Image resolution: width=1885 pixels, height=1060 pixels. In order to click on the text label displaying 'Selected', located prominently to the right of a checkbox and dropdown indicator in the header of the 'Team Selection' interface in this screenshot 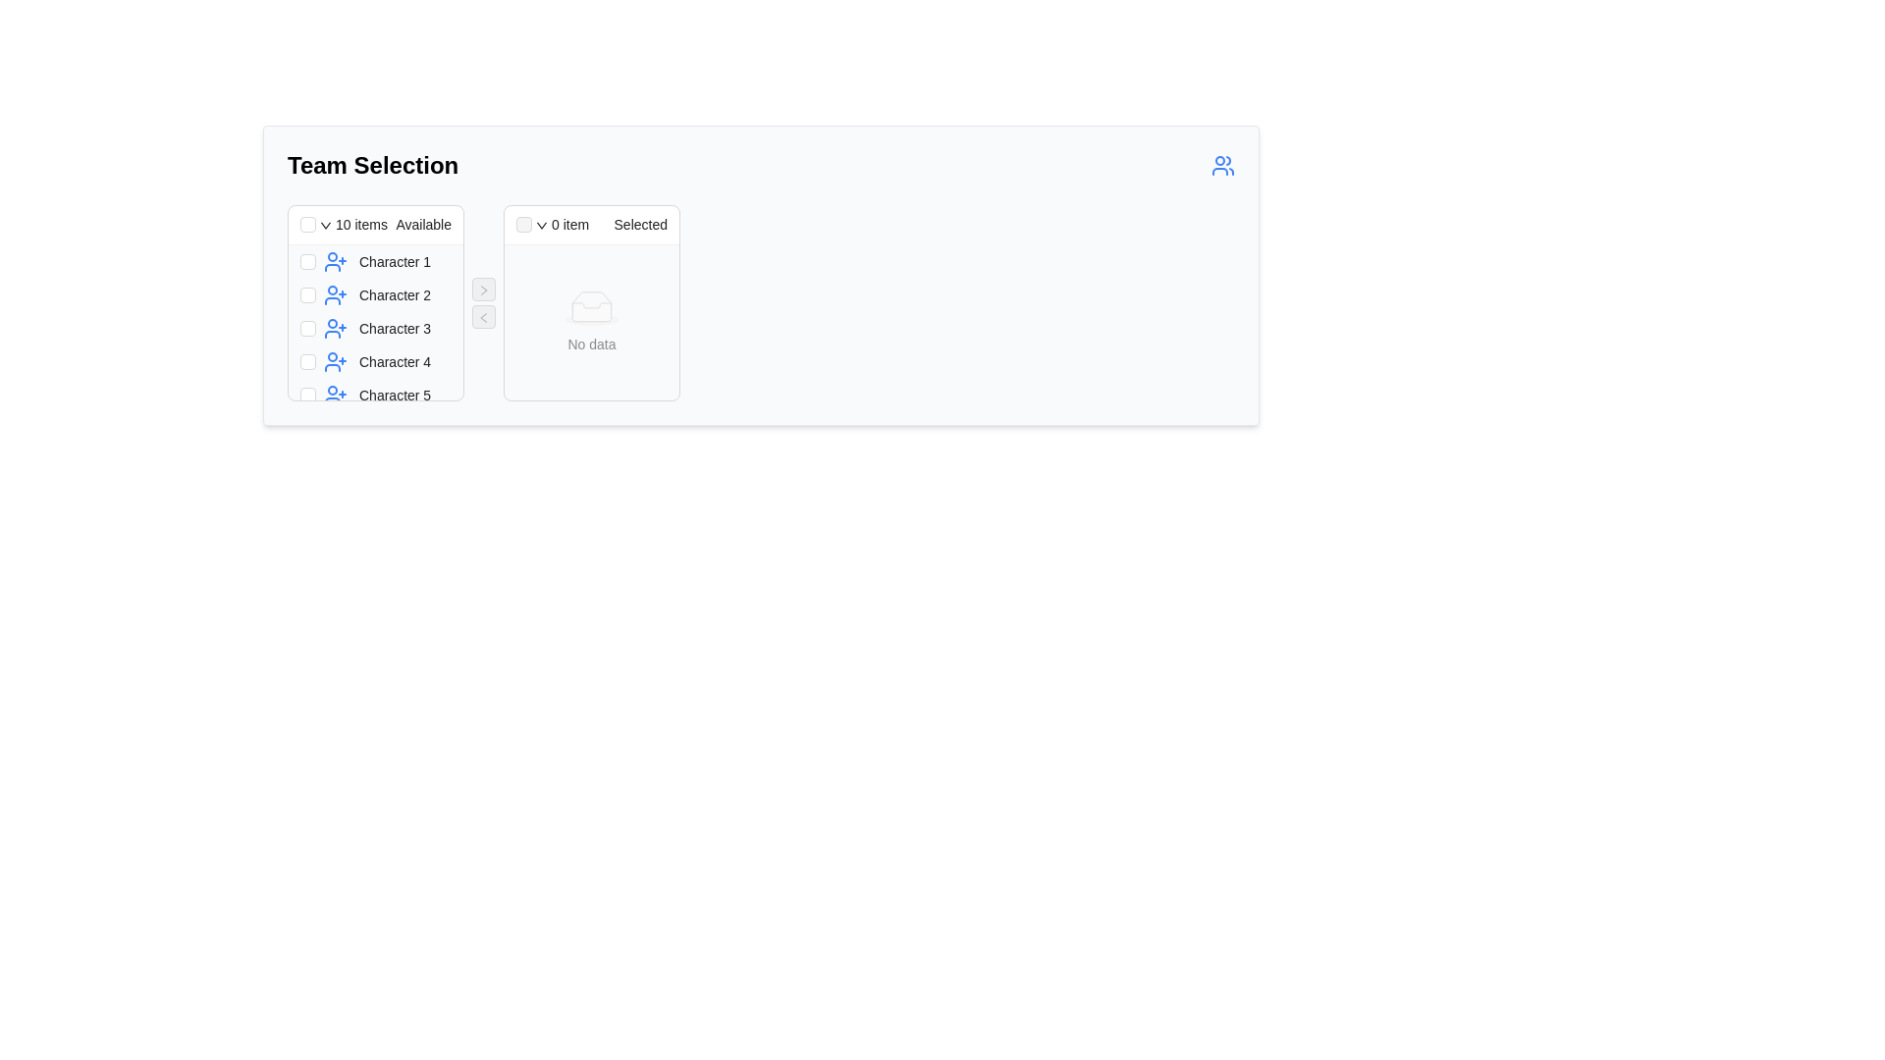, I will do `click(630, 223)`.